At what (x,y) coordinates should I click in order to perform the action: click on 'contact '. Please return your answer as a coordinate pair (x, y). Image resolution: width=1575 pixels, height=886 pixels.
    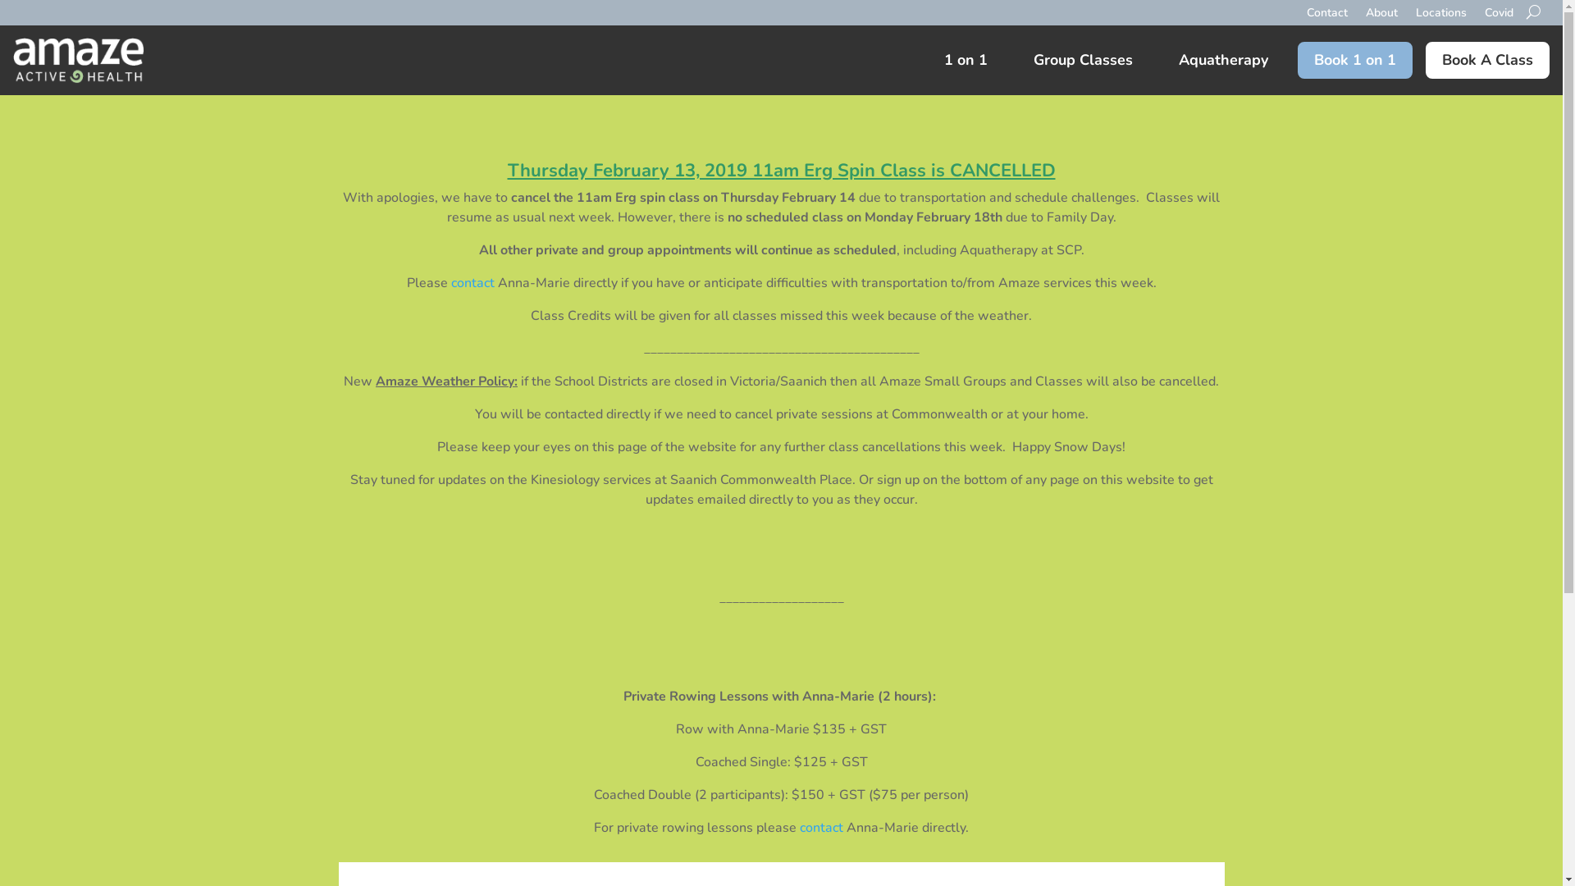
    Looking at the image, I should click on (473, 281).